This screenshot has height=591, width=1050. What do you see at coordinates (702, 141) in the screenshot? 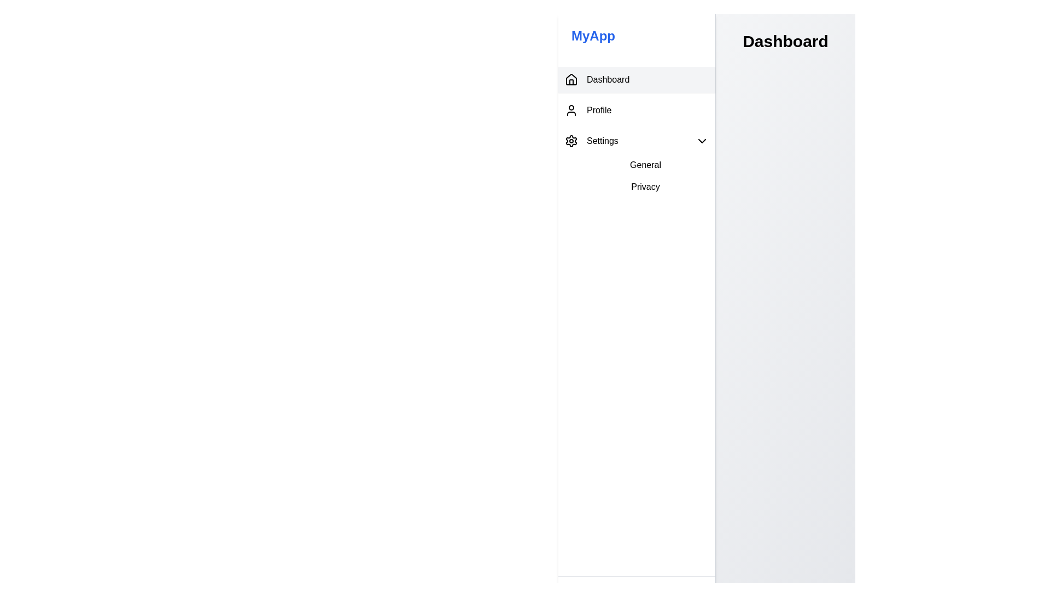
I see `the downwards-pointing chevron icon` at bounding box center [702, 141].